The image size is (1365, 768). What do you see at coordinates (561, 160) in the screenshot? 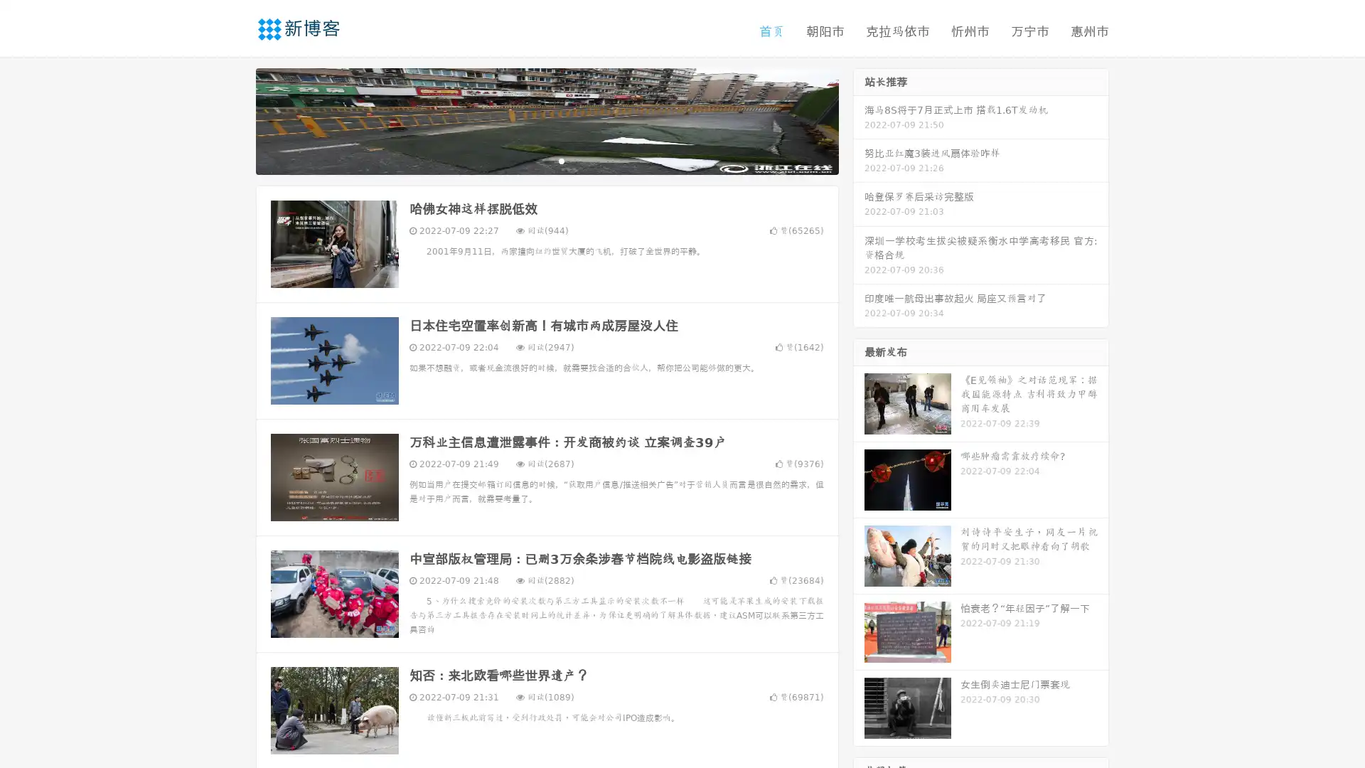
I see `Go to slide 3` at bounding box center [561, 160].